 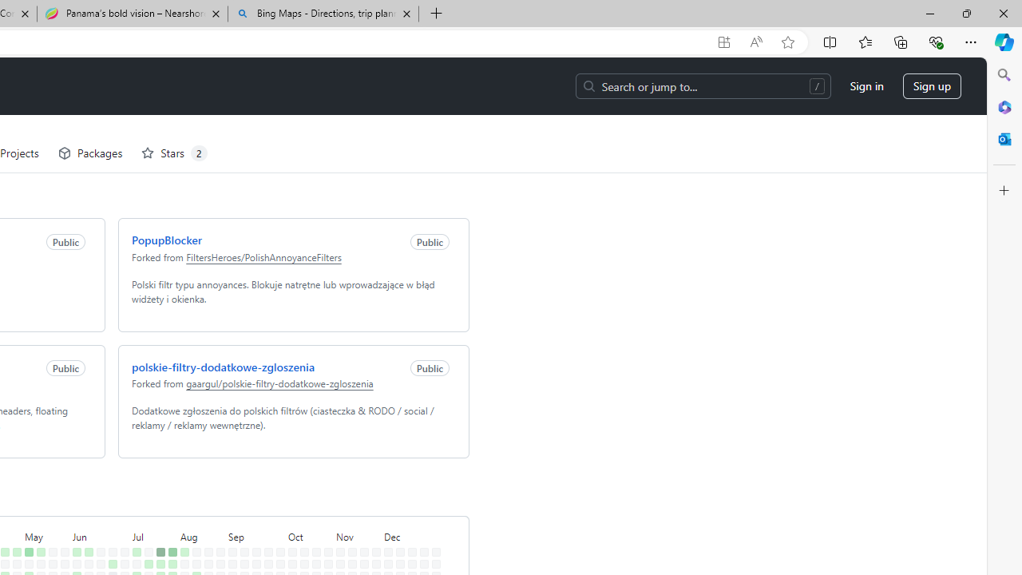 I want to click on 'No contributions on September 19th.', so click(x=252, y=541).